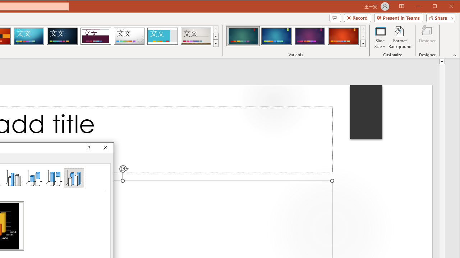  What do you see at coordinates (53, 177) in the screenshot?
I see `'3-D 100% Stacked Column'` at bounding box center [53, 177].